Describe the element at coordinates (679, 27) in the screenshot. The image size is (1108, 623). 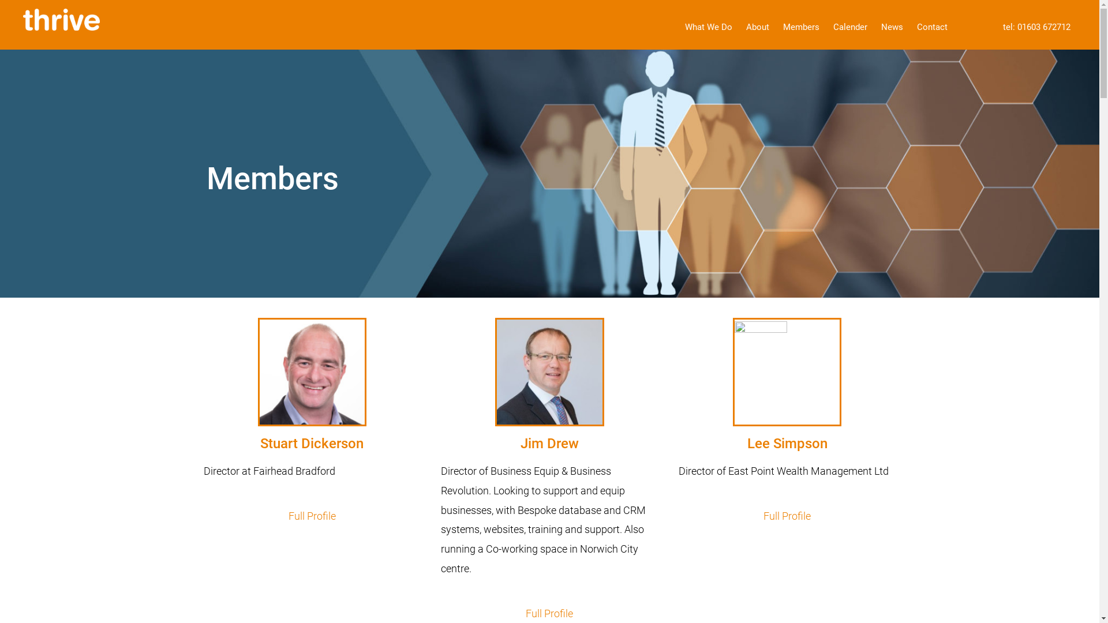
I see `'What We Do'` at that location.